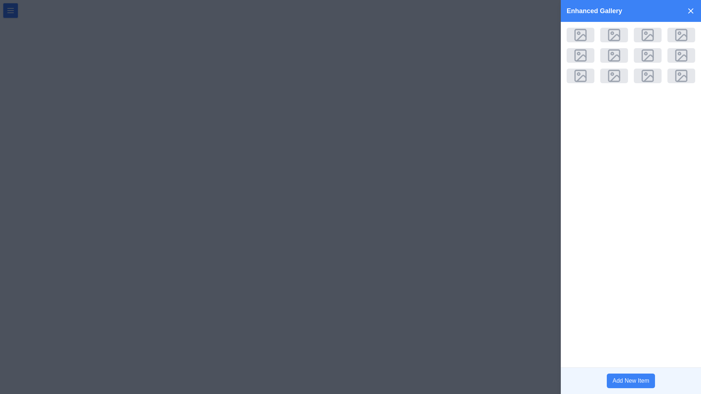 This screenshot has height=394, width=701. I want to click on the top-left bordered square icon with rounded corners that contains additional graphical details, rendered in gray, so click(580, 35).